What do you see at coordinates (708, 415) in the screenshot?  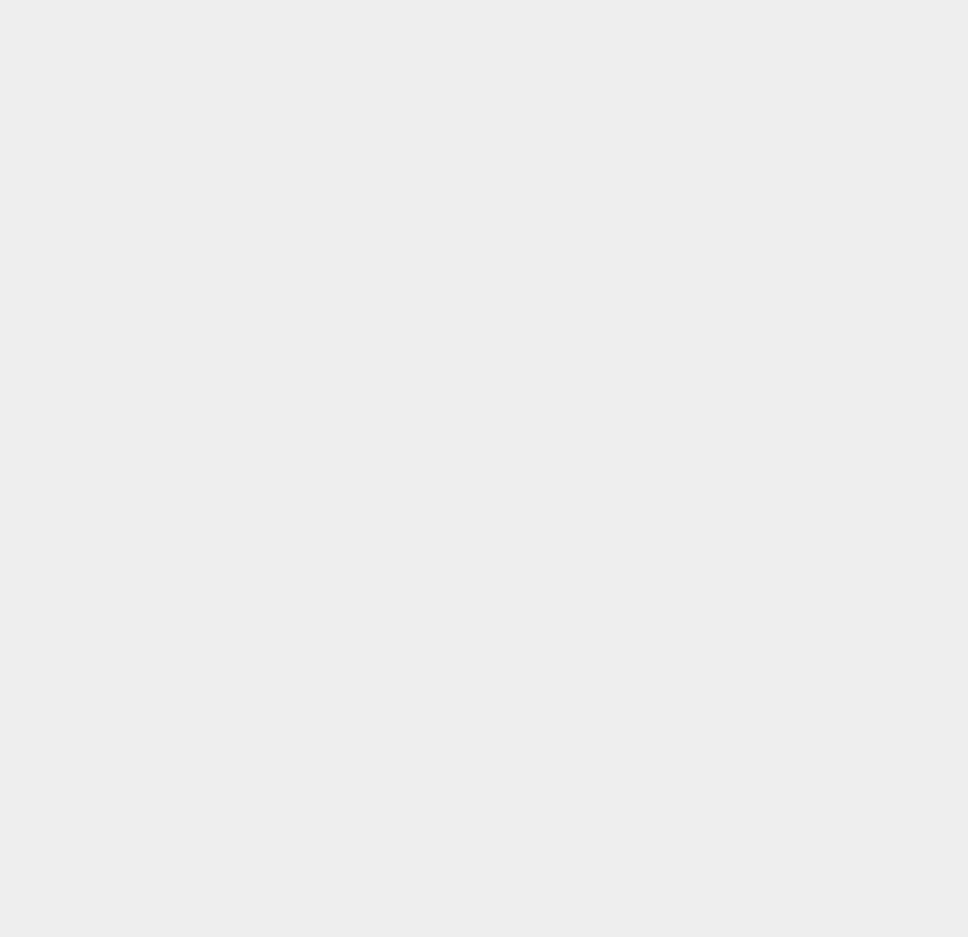 I see `'iOS 7.1.1'` at bounding box center [708, 415].